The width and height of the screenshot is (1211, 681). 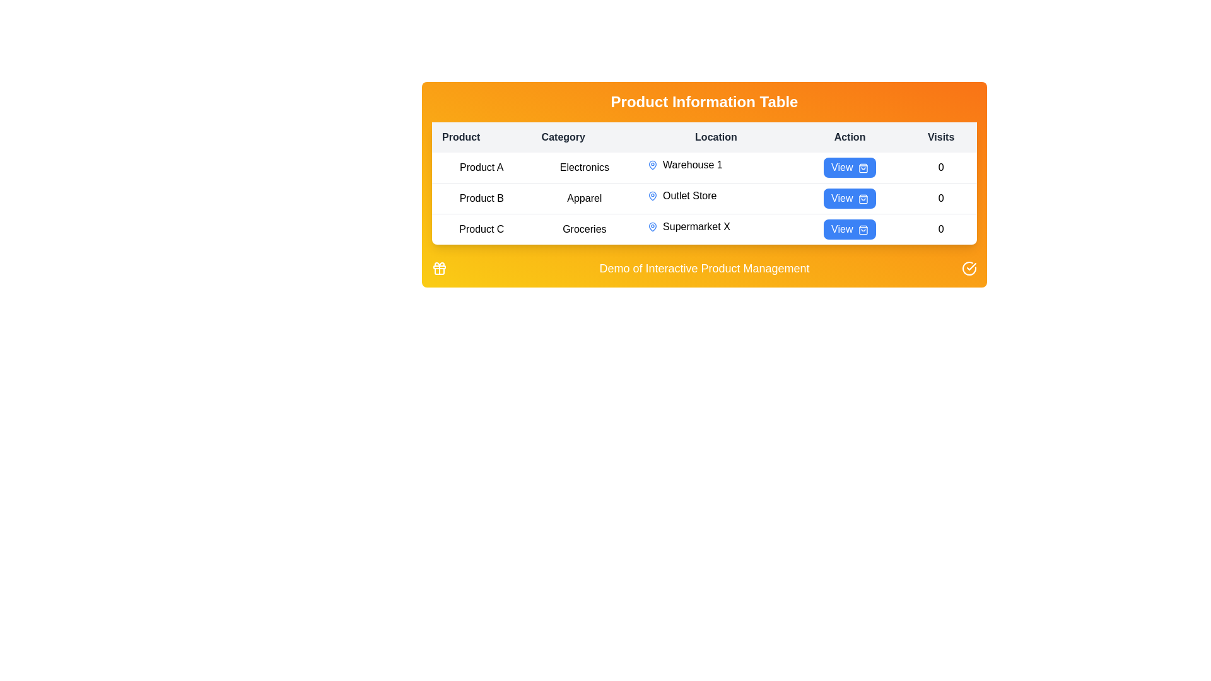 What do you see at coordinates (941, 167) in the screenshot?
I see `the text display field showing the number '0' under the 'Visits' column for 'Product A' in the table` at bounding box center [941, 167].